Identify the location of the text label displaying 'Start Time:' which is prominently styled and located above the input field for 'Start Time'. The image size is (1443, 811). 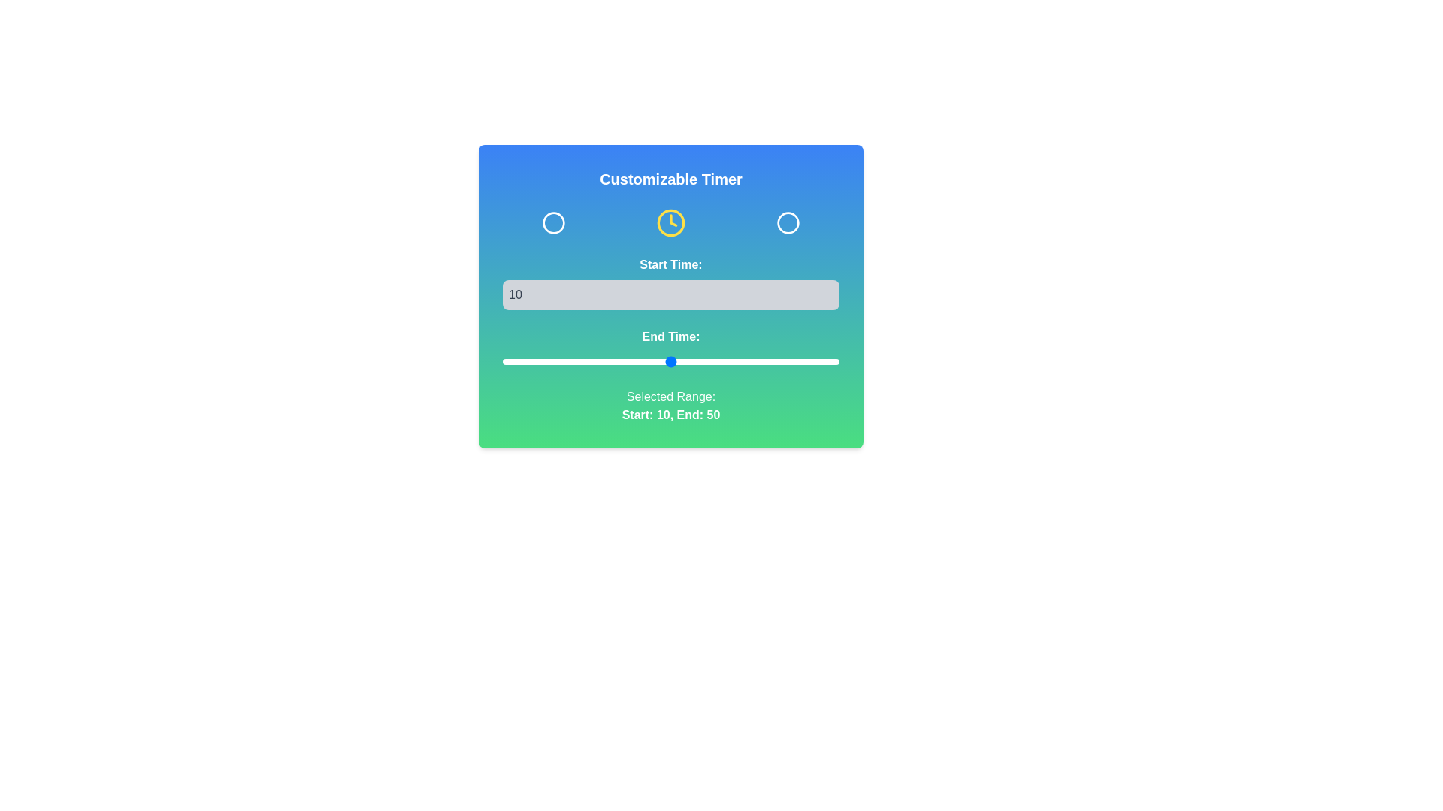
(670, 264).